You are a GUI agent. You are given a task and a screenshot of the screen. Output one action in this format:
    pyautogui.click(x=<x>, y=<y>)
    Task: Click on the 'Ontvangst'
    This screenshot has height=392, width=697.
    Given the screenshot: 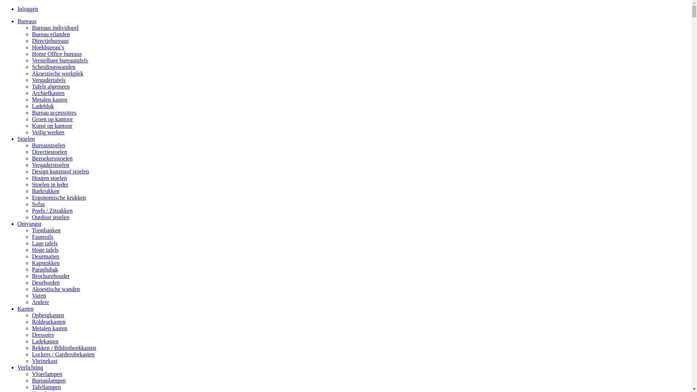 What is the action you would take?
    pyautogui.click(x=17, y=223)
    